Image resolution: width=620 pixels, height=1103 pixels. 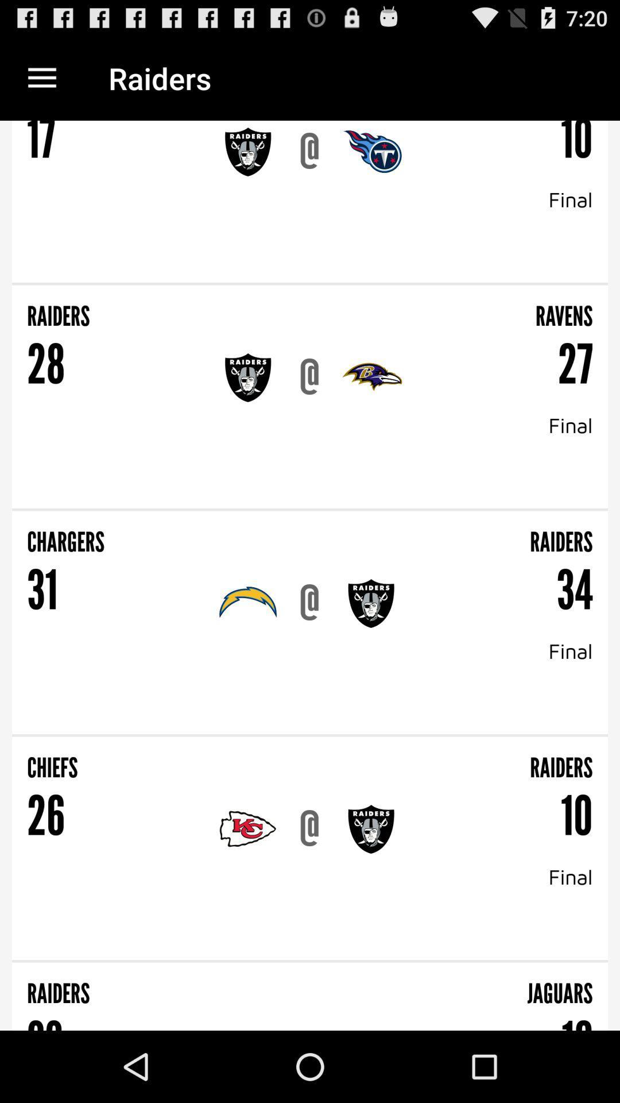 I want to click on the item below chiefs item, so click(x=309, y=829).